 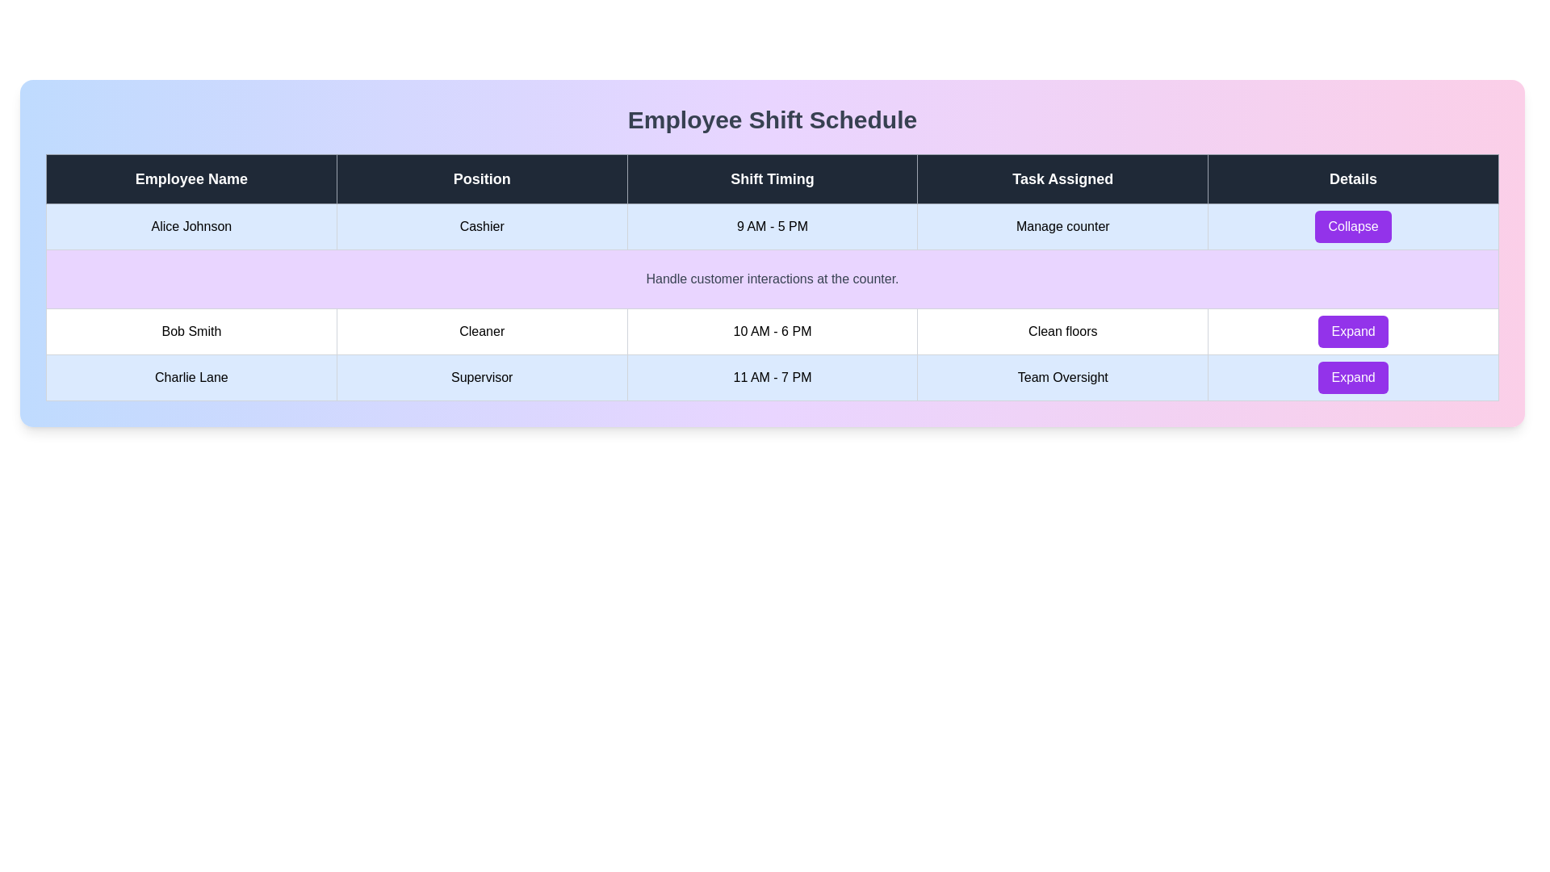 I want to click on the toggle button in the 'Details' column of the employee shift schedule table for Alice Johnson to enable accessibility interactions, so click(x=1353, y=227).